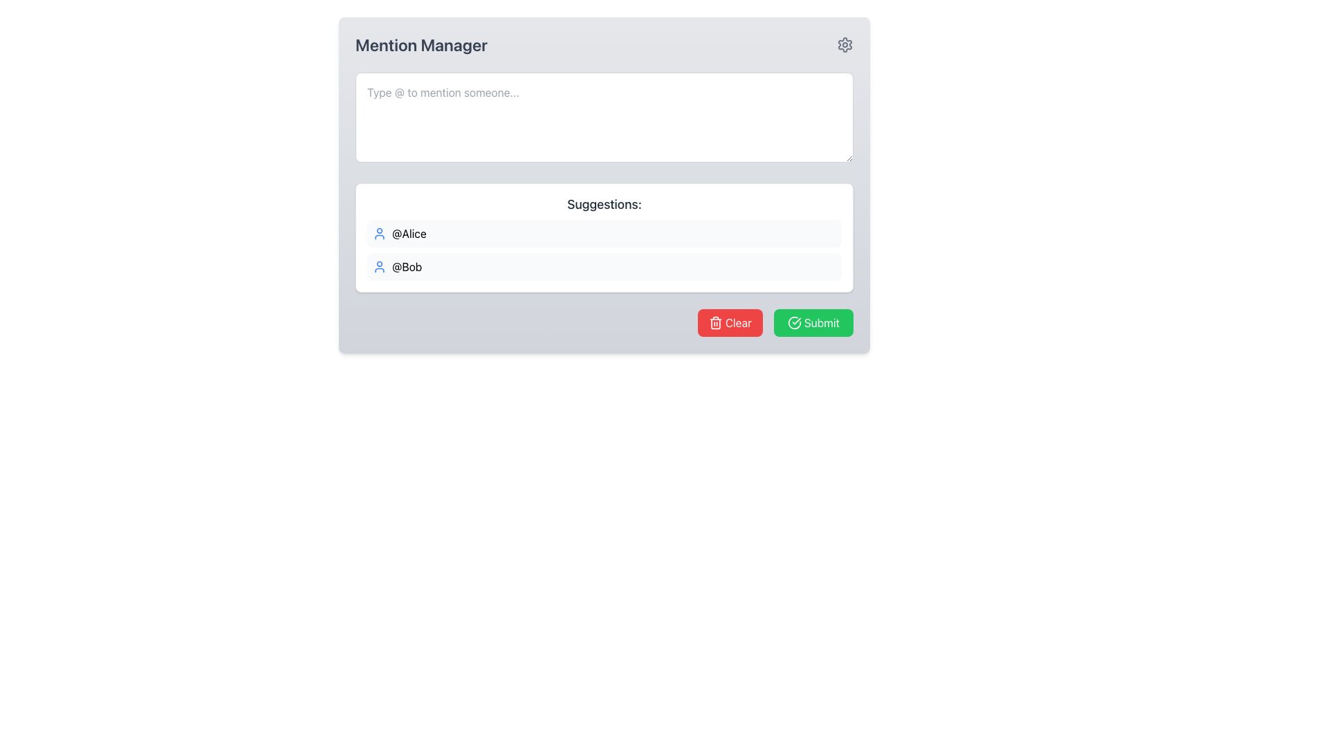  Describe the element at coordinates (845, 44) in the screenshot. I see `the settings icon located in the top-right corner of the 'Mention Manager' interface, which represents the main gear outline` at that location.